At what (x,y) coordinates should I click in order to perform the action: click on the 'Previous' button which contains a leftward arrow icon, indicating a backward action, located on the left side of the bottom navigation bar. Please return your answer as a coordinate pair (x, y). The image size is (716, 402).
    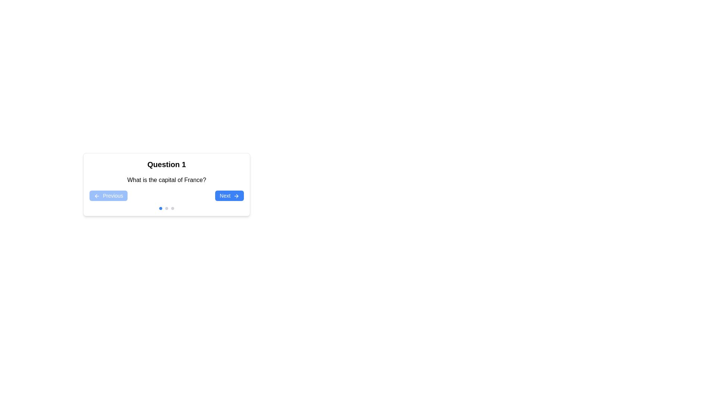
    Looking at the image, I should click on (95, 196).